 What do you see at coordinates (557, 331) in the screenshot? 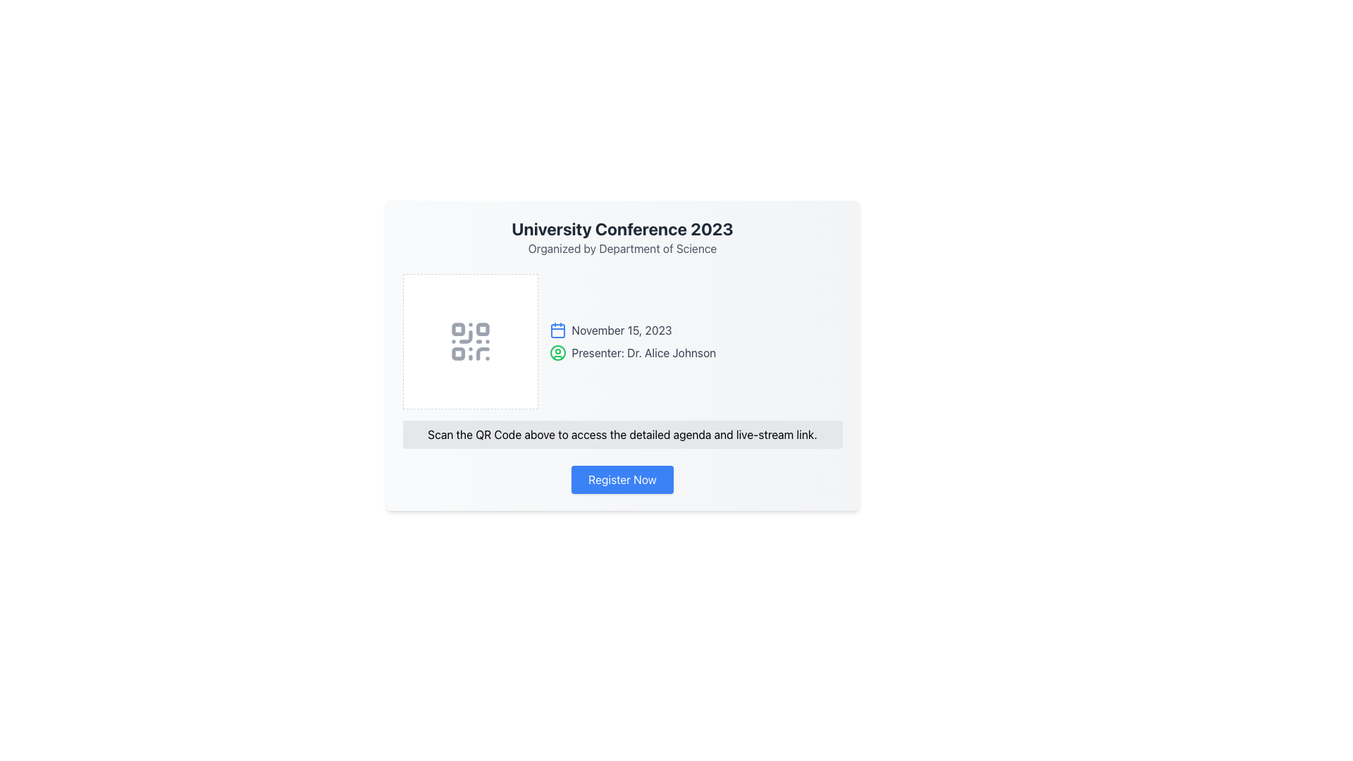
I see `the blue rounded rectangle icon segment located within the calendar symbol, adjacent to the 'November 15, 2023' label` at bounding box center [557, 331].